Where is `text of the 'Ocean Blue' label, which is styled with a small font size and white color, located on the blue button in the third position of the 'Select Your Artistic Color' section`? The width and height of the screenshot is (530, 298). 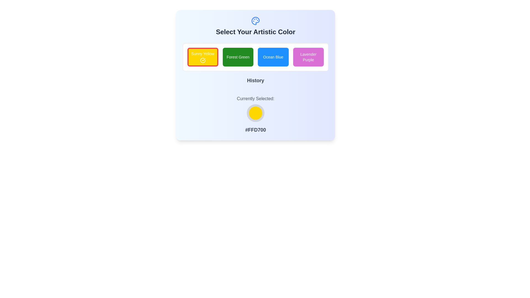
text of the 'Ocean Blue' label, which is styled with a small font size and white color, located on the blue button in the third position of the 'Select Your Artistic Color' section is located at coordinates (273, 57).